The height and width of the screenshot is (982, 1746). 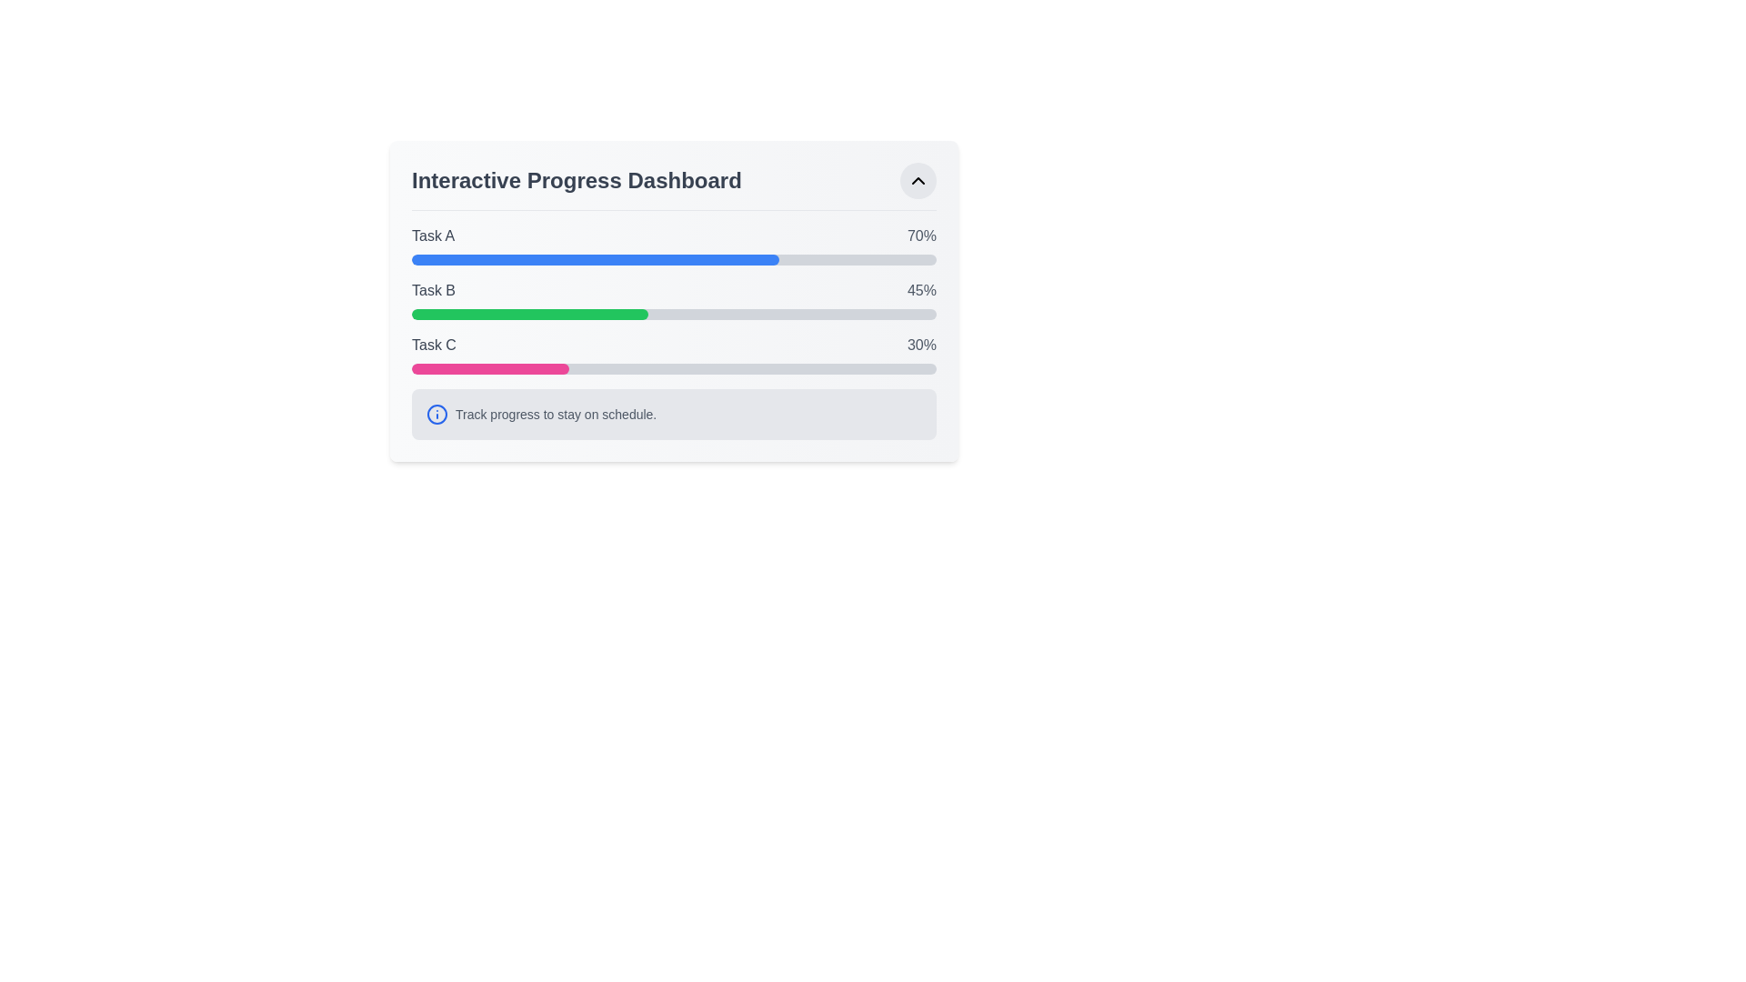 What do you see at coordinates (673, 368) in the screenshot?
I see `the progress bar indicating 30% completion for Task C, which is the third item in the vertical list of progress bars within the dashboard` at bounding box center [673, 368].